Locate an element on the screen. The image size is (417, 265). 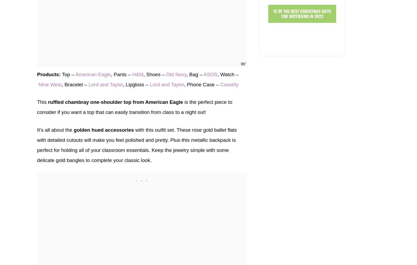
'This' is located at coordinates (42, 102).